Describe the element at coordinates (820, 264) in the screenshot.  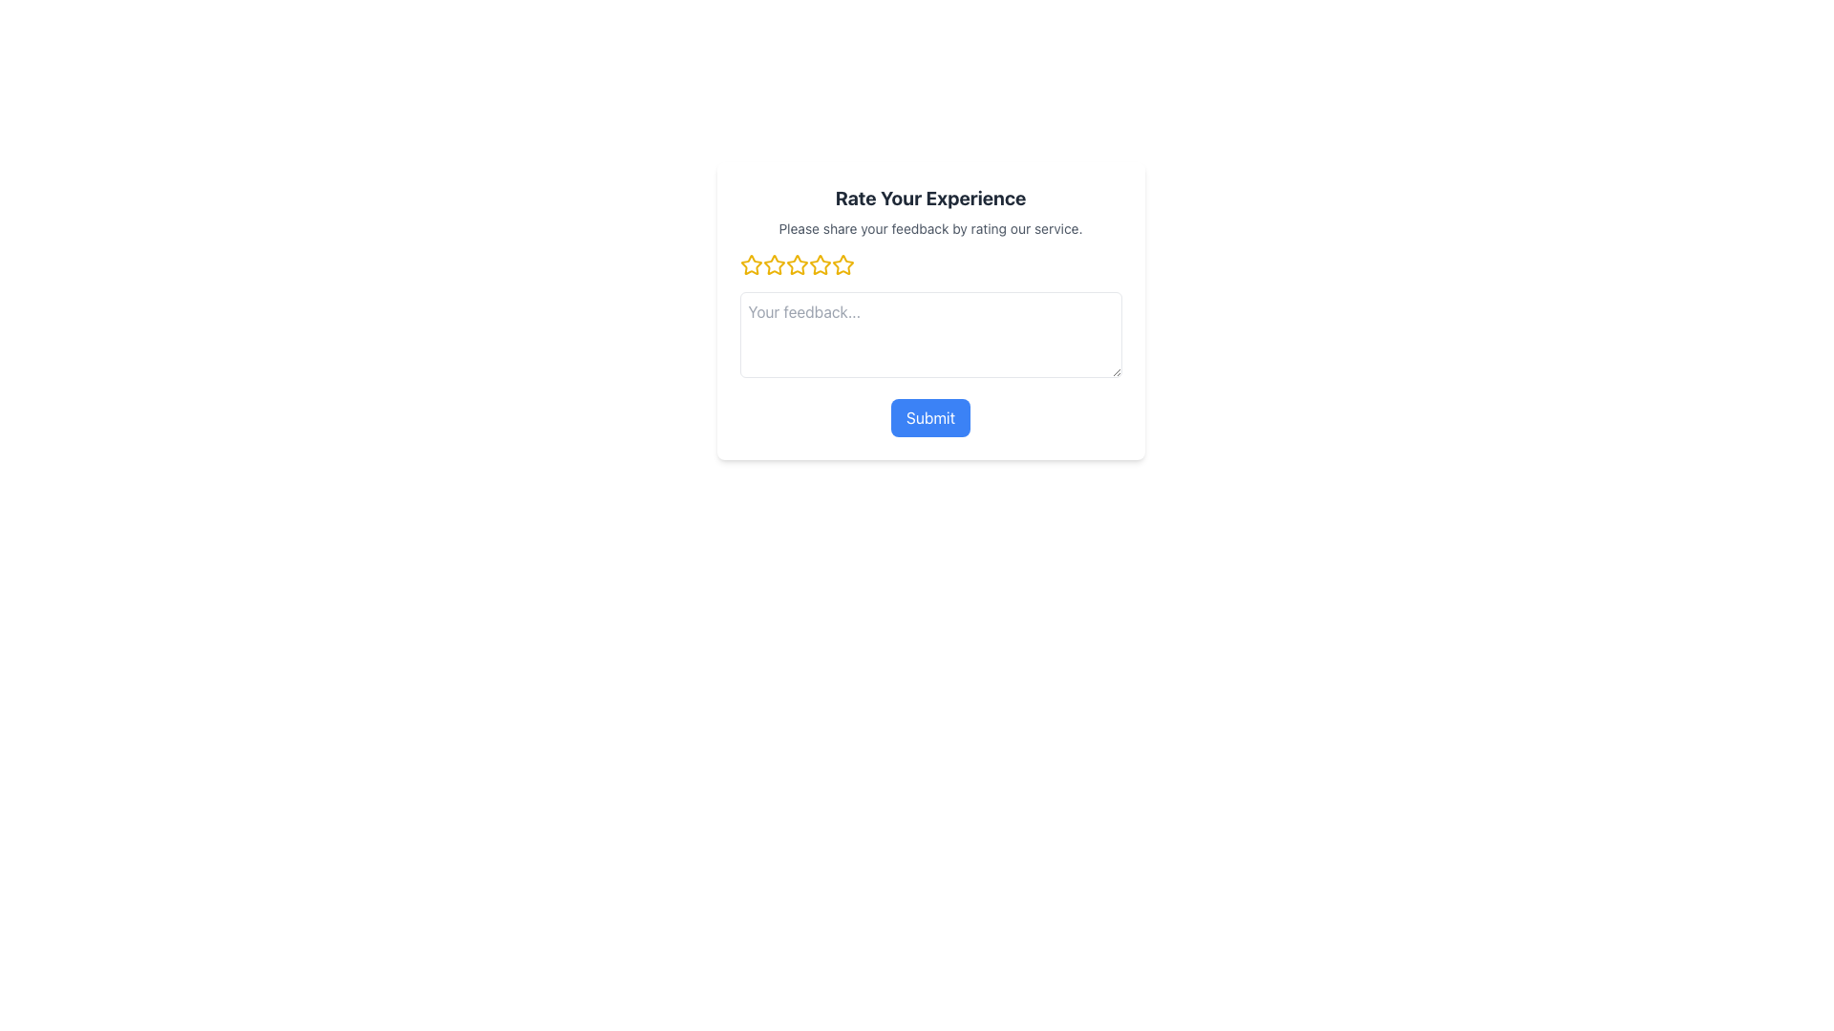
I see `the fifth yellow star icon in the rating interface` at that location.